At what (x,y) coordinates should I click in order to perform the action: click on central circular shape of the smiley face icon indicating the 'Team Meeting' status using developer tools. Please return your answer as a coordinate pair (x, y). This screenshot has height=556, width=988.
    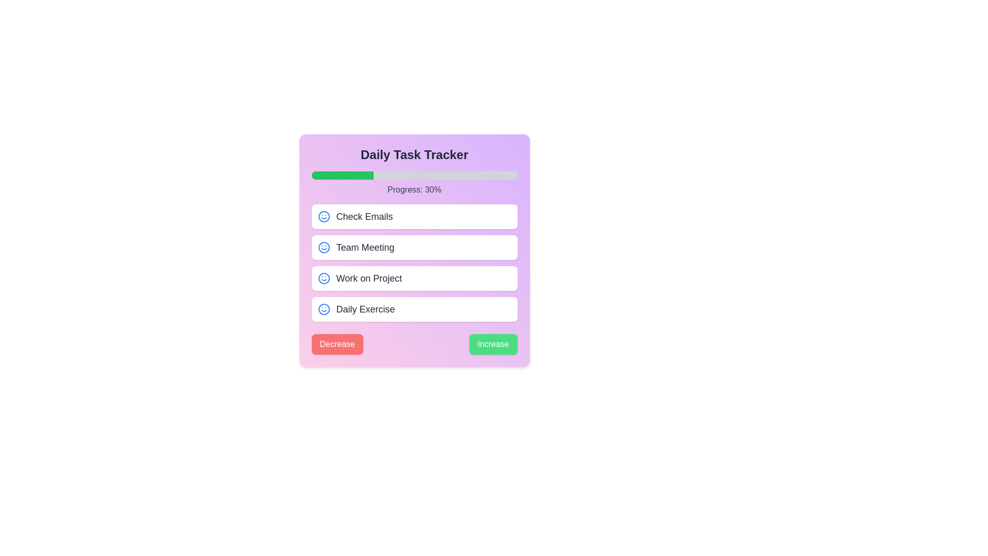
    Looking at the image, I should click on (323, 248).